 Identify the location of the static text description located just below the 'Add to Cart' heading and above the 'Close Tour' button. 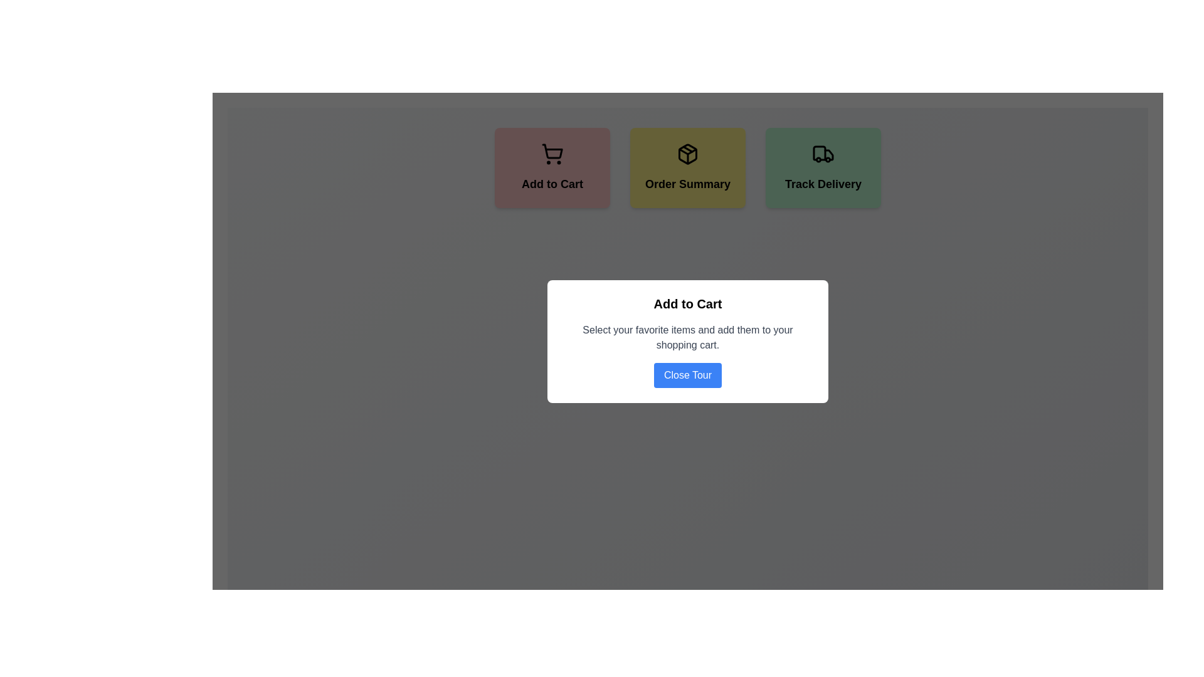
(687, 337).